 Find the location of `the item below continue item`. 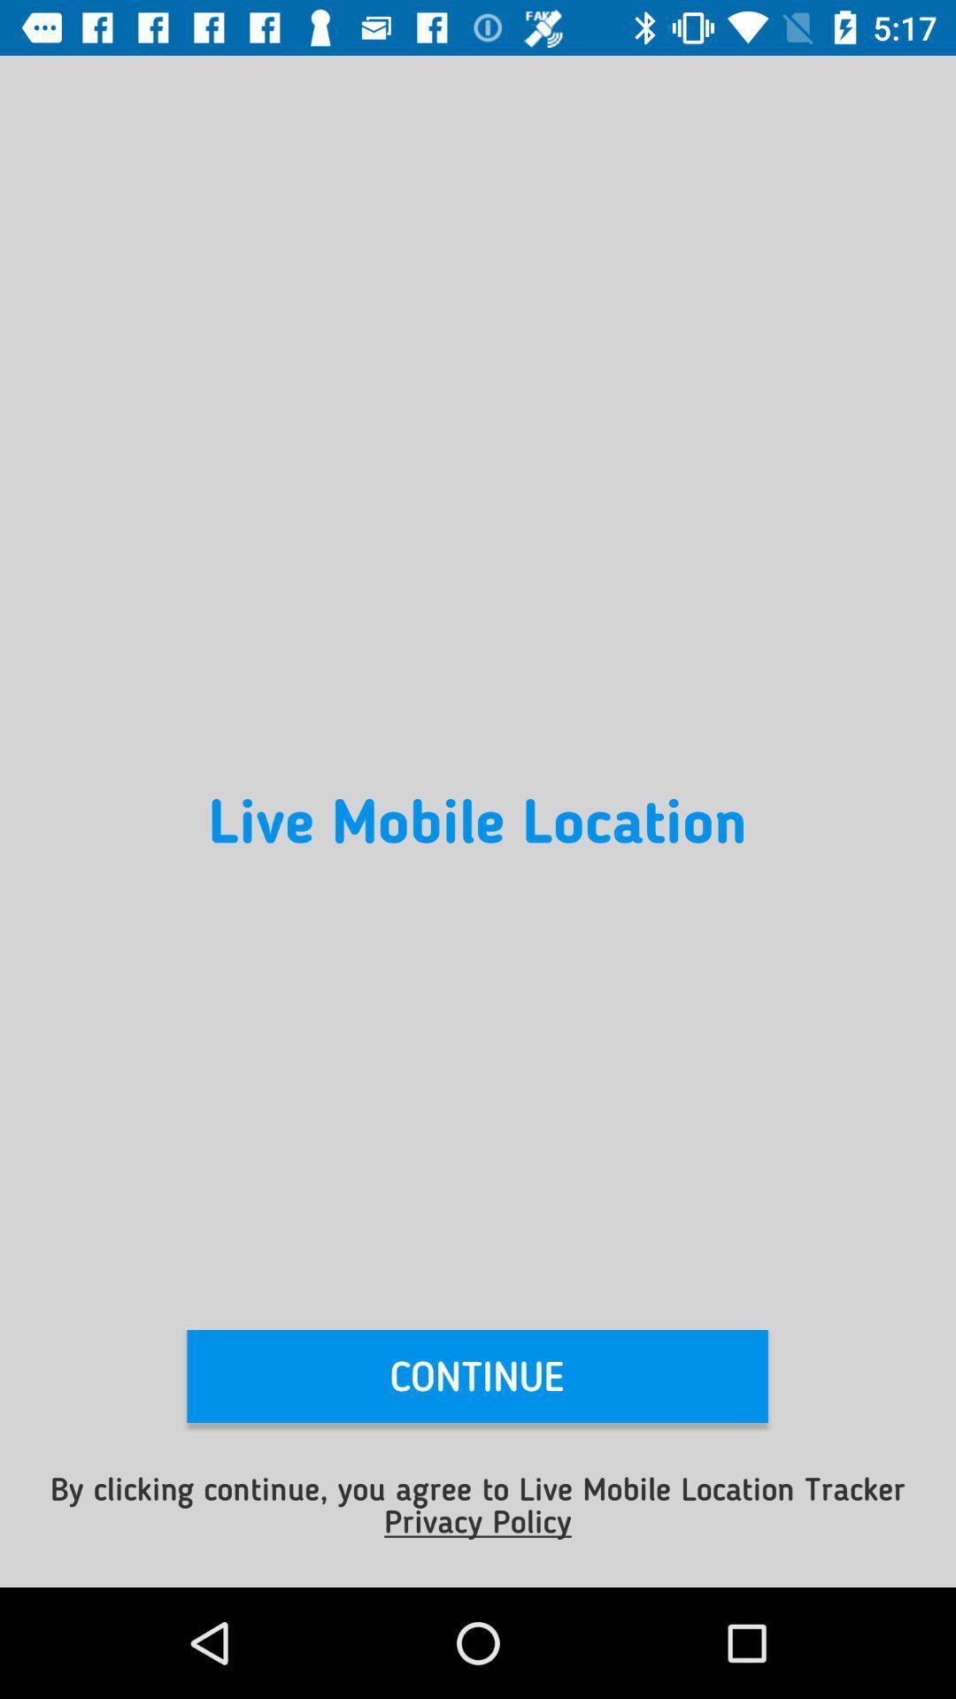

the item below continue item is located at coordinates (478, 1503).